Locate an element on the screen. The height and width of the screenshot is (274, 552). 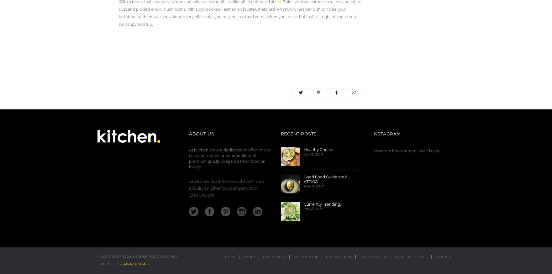
'Recent Posts' is located at coordinates (298, 134).